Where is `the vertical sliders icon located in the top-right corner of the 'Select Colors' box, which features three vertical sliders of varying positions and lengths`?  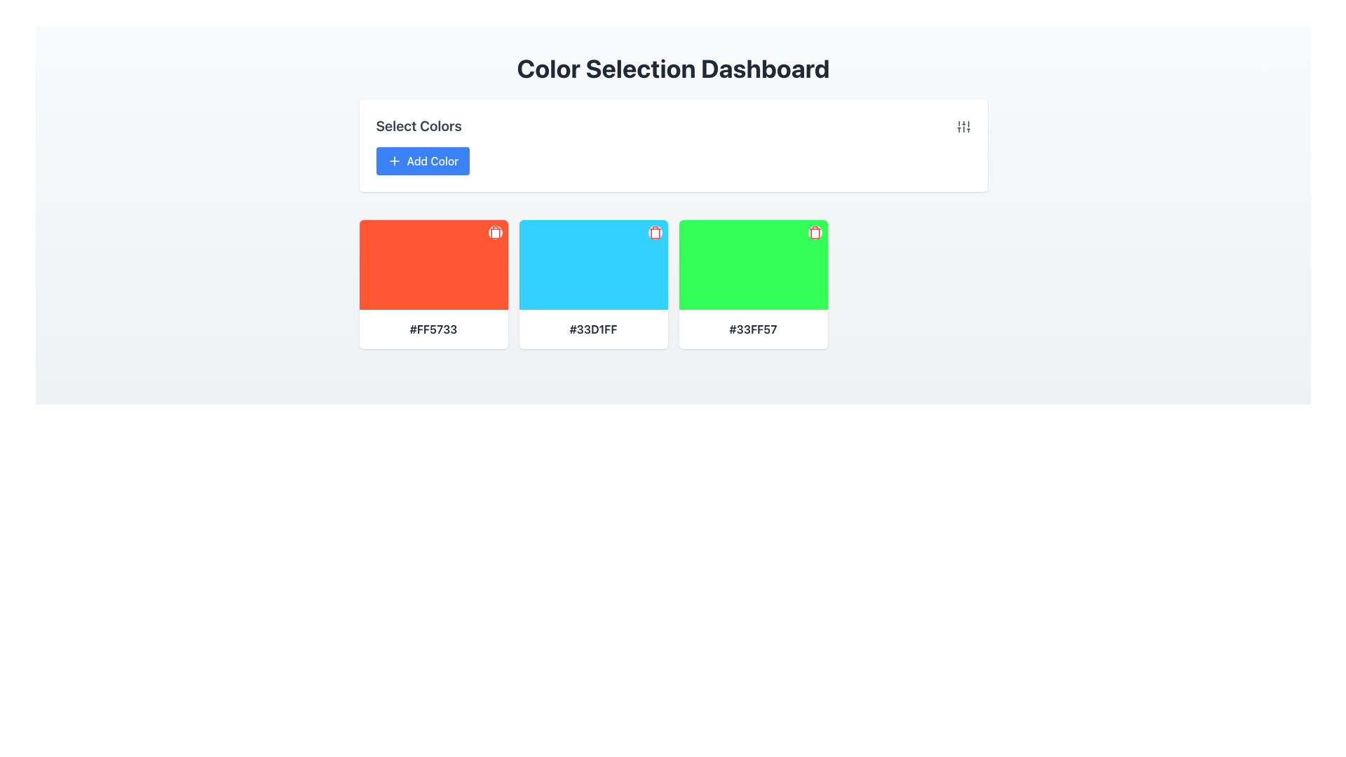
the vertical sliders icon located in the top-right corner of the 'Select Colors' box, which features three vertical sliders of varying positions and lengths is located at coordinates (963, 127).